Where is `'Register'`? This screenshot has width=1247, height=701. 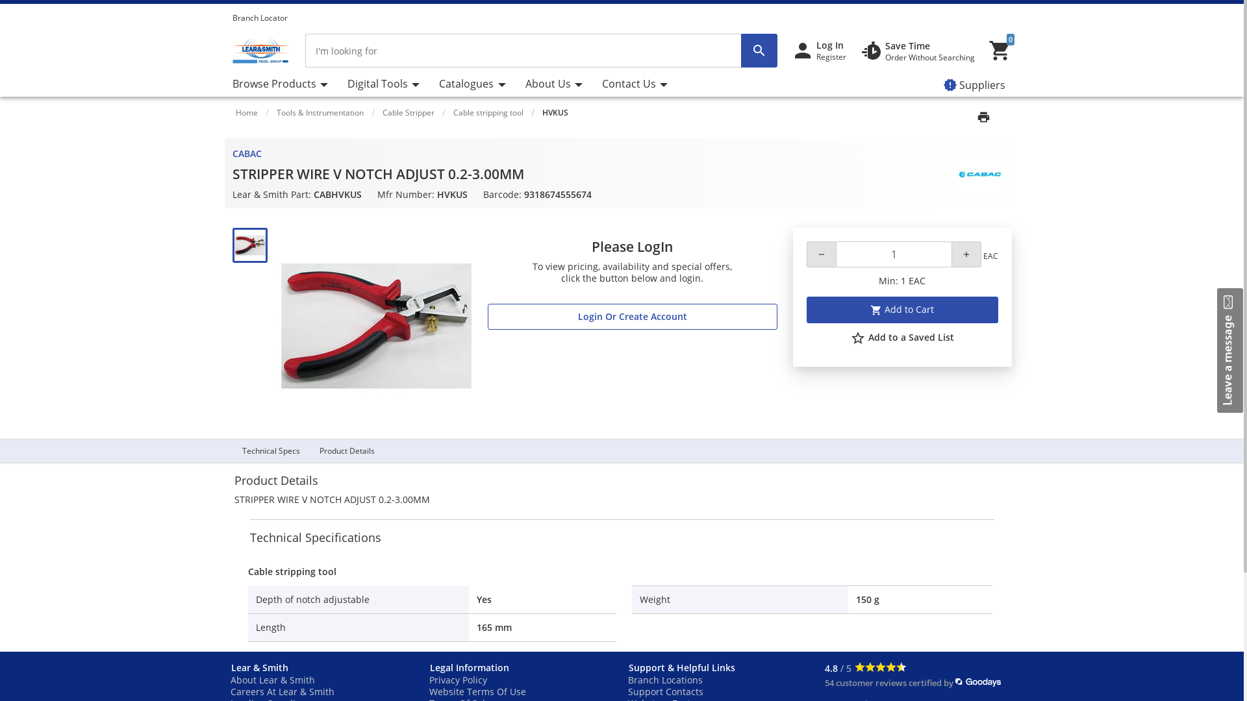
'Register' is located at coordinates (829, 56).